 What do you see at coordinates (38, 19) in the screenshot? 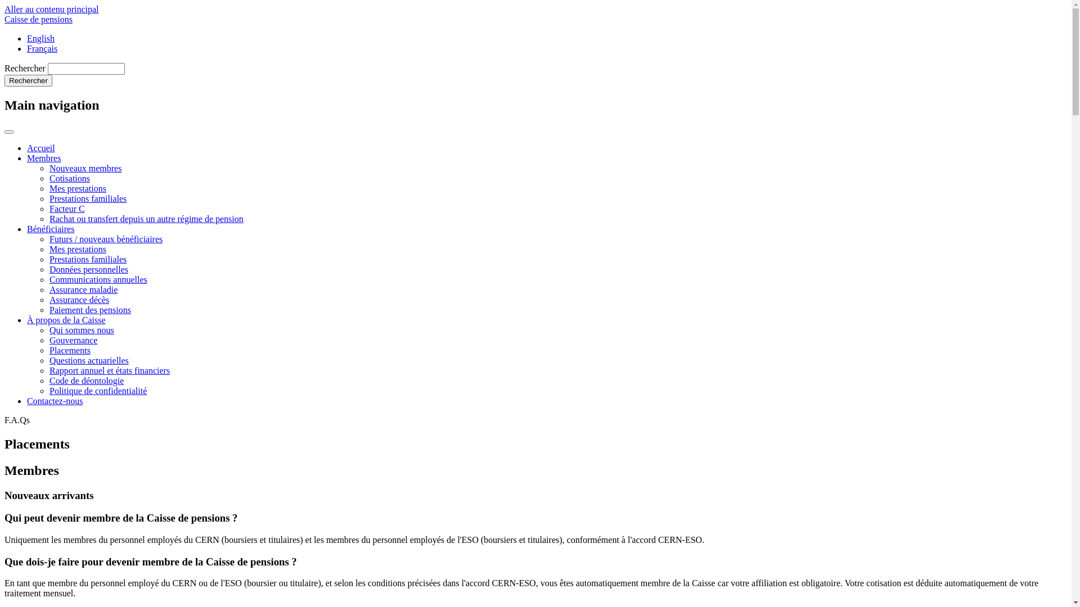
I see `'Caisse de pensions'` at bounding box center [38, 19].